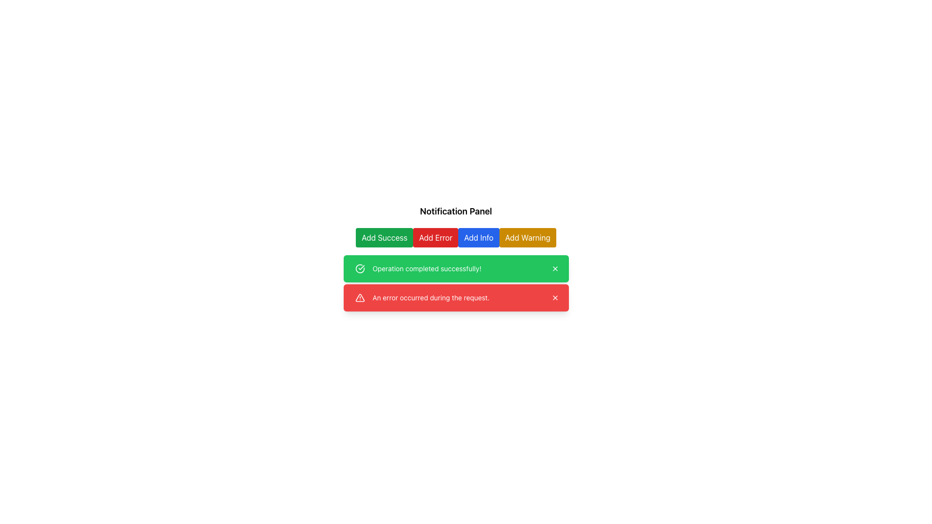  What do you see at coordinates (359, 297) in the screenshot?
I see `the triangular warning icon with a red background located within the notification box labeled 'An error occurred during the request.'` at bounding box center [359, 297].